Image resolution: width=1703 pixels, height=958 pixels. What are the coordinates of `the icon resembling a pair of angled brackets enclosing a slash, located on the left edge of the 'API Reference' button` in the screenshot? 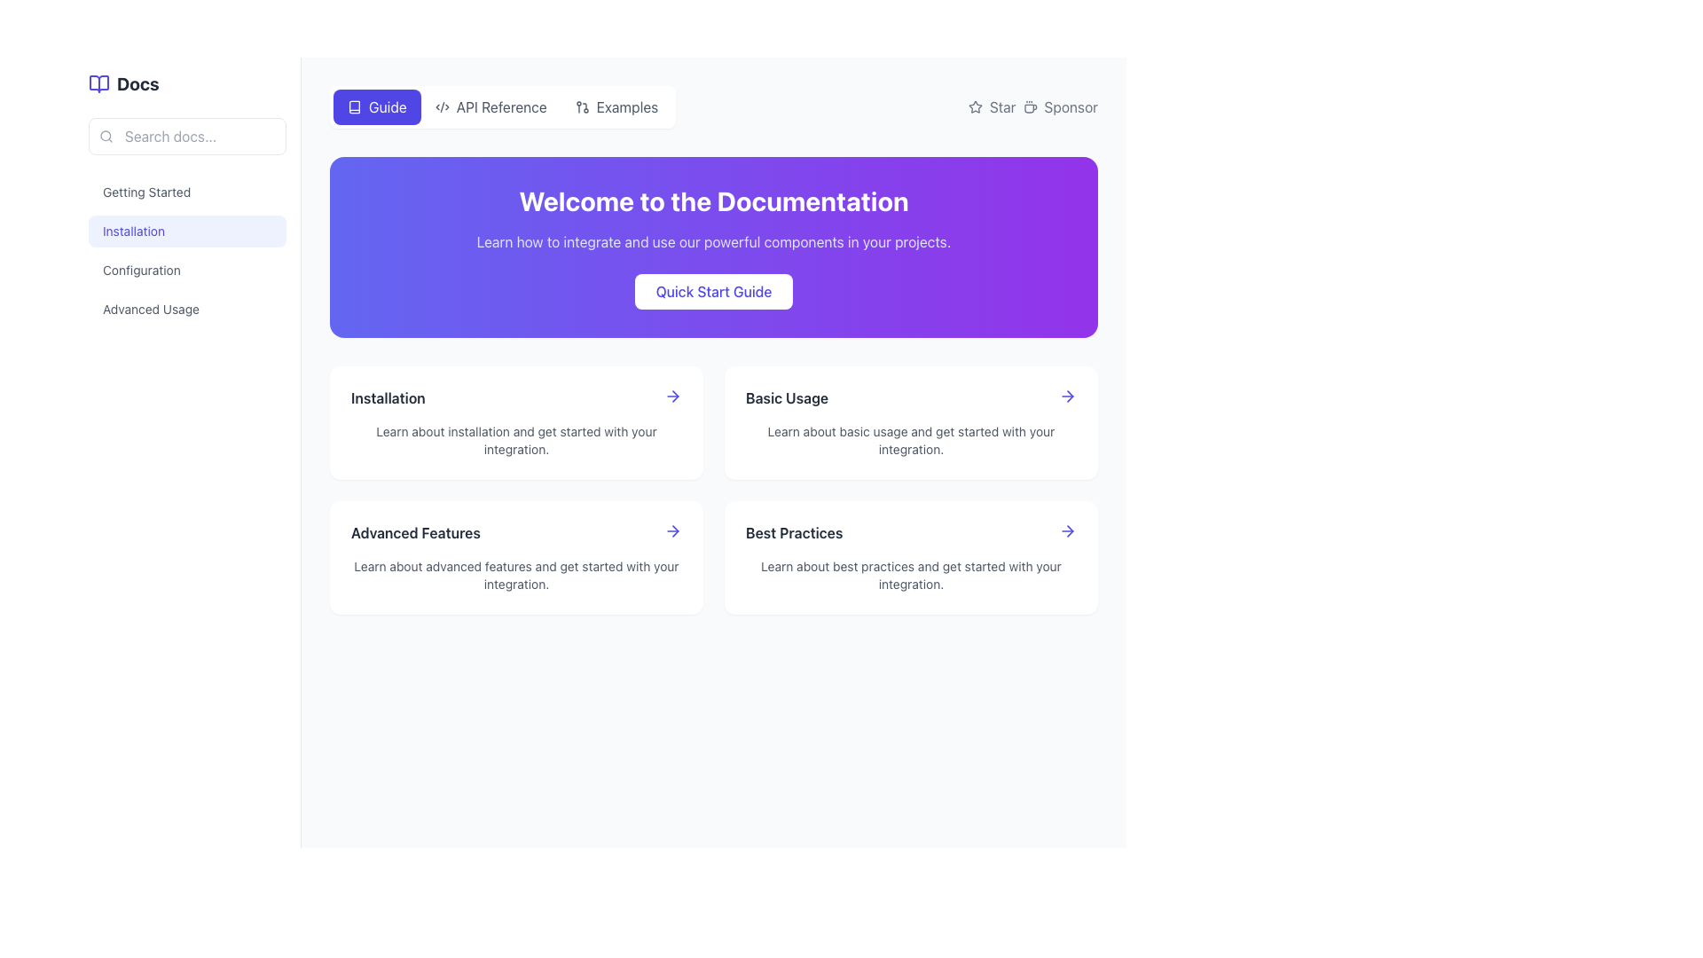 It's located at (442, 106).